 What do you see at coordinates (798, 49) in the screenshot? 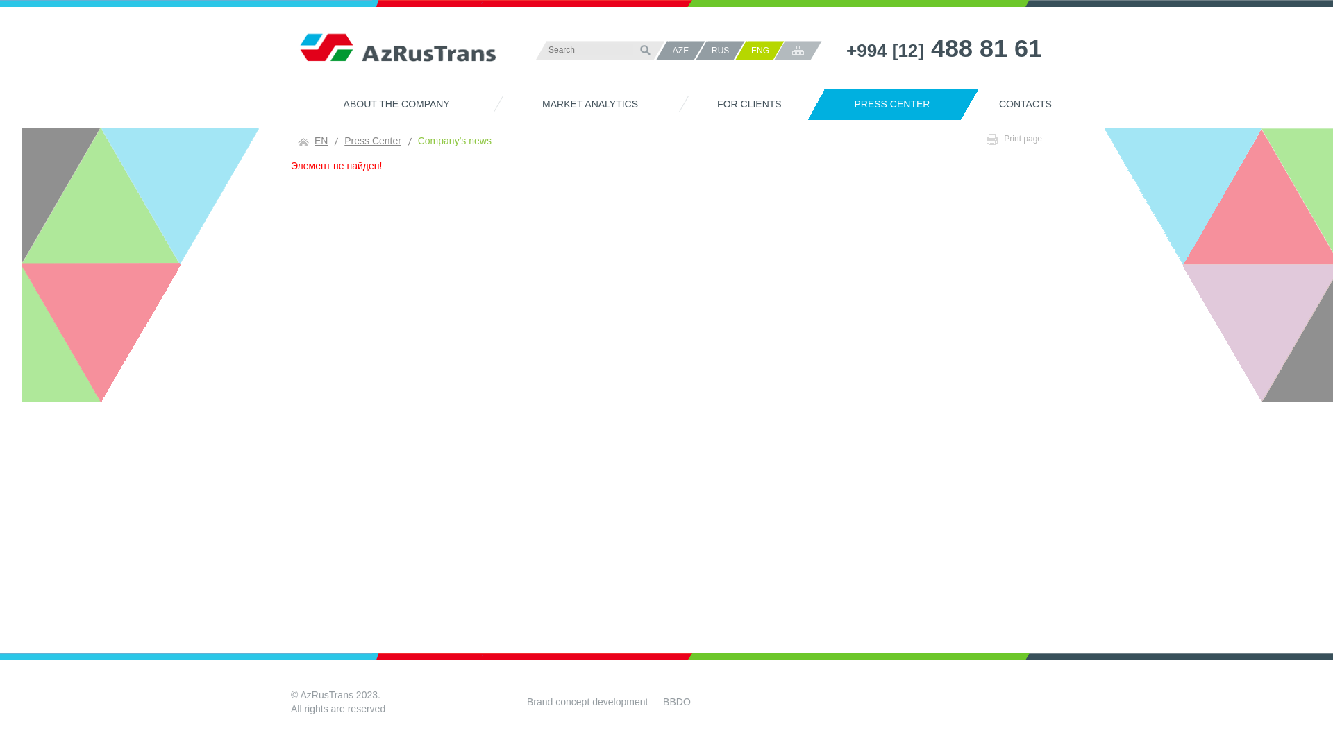
I see `'Site map'` at bounding box center [798, 49].